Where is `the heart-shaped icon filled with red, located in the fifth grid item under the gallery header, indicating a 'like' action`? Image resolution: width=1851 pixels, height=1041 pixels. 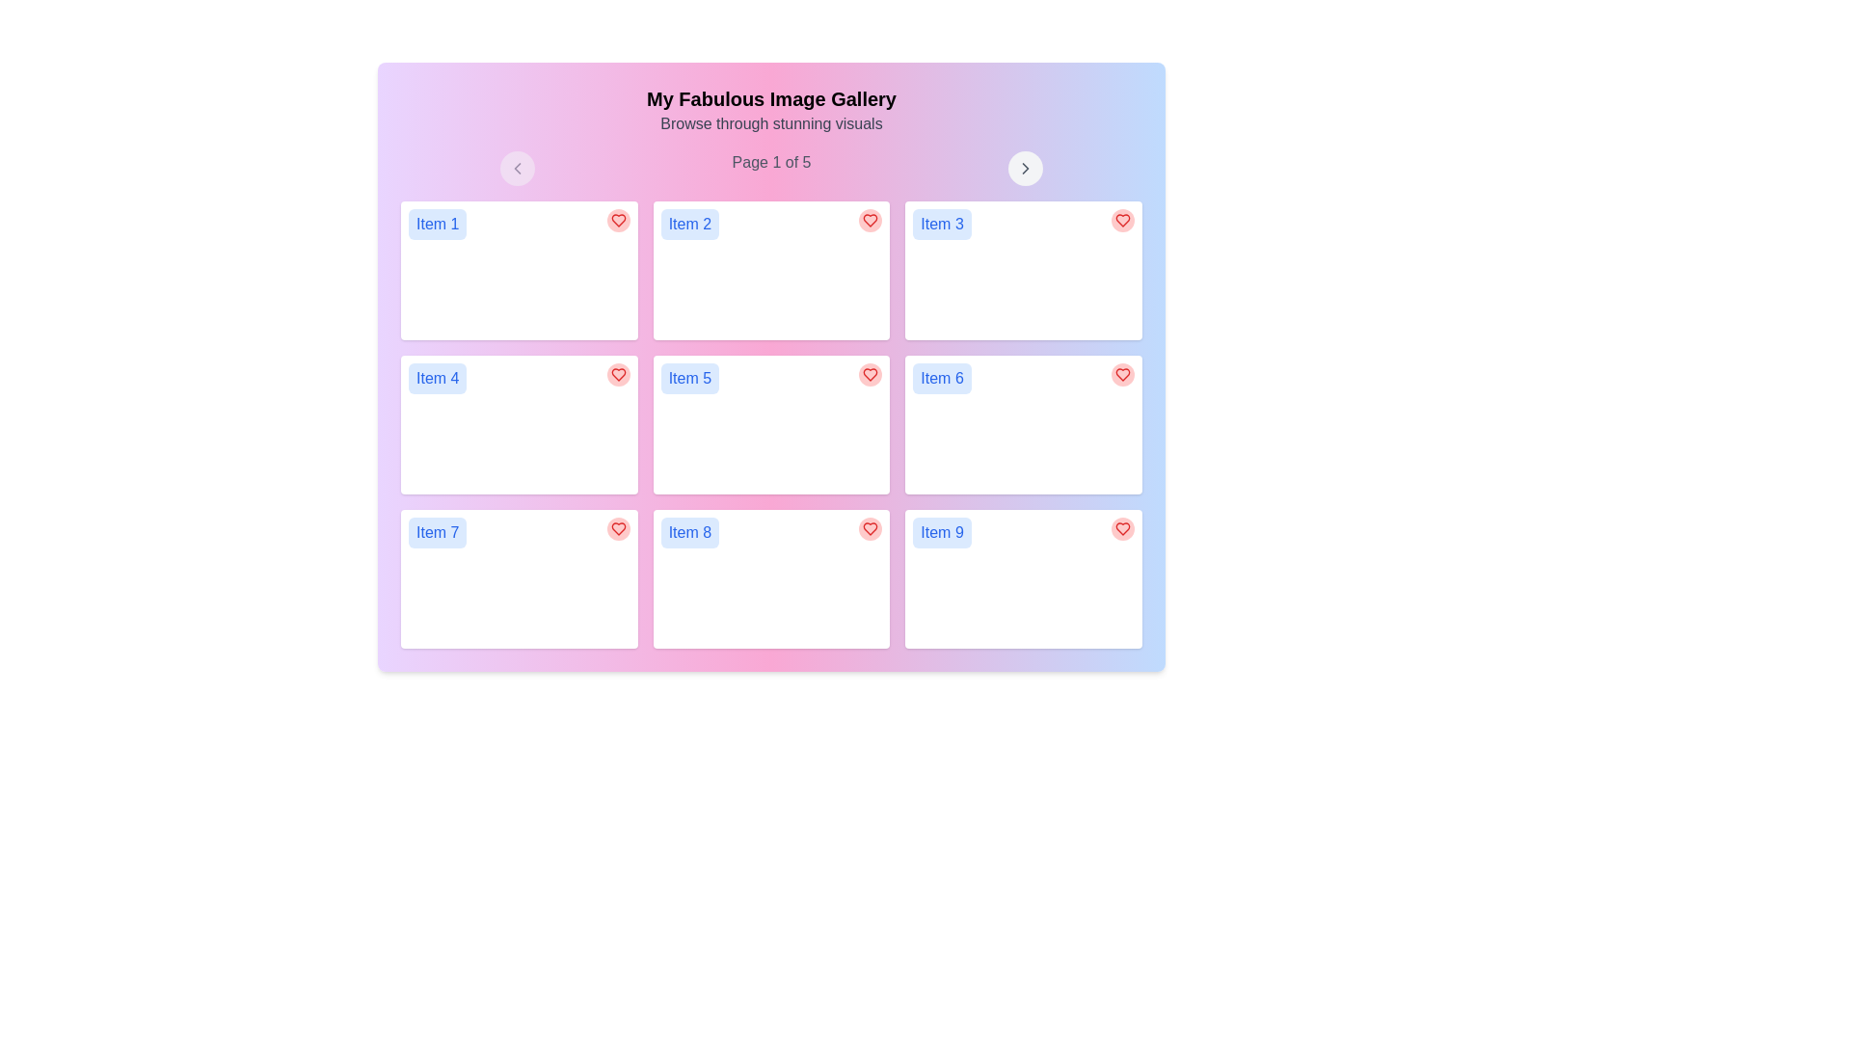
the heart-shaped icon filled with red, located in the fifth grid item under the gallery header, indicating a 'like' action is located at coordinates (870, 375).